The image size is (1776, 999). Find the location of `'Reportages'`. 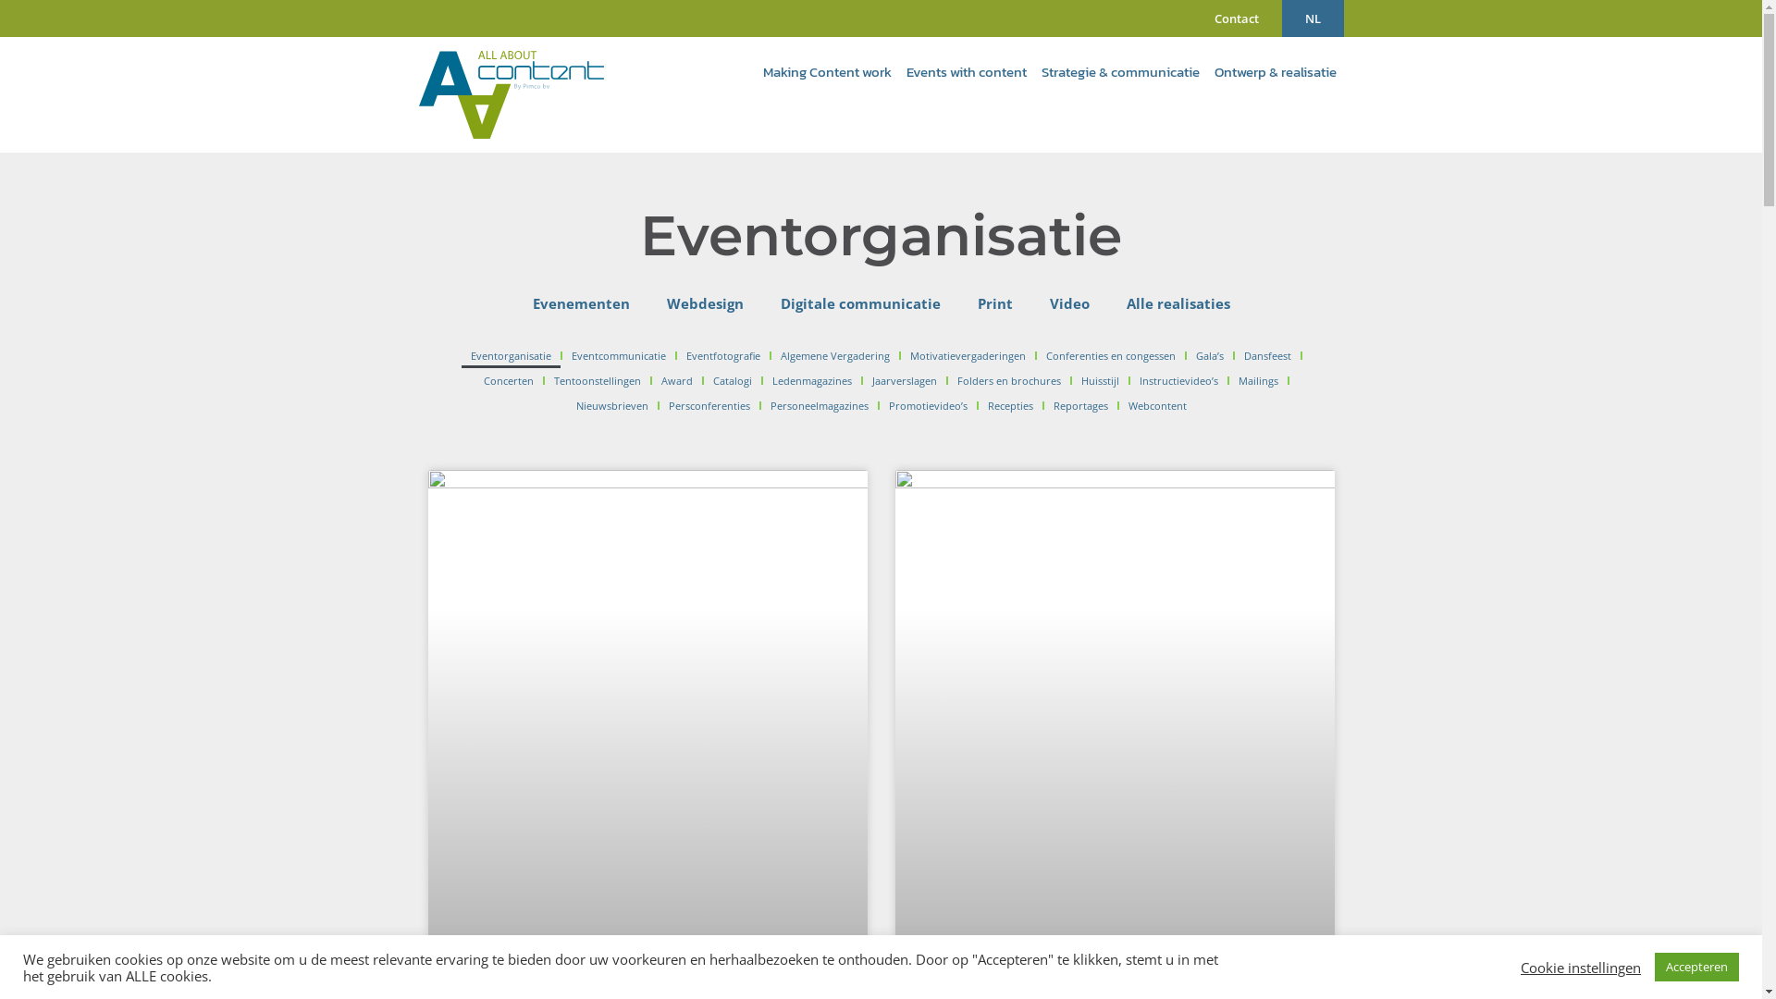

'Reportages' is located at coordinates (1079, 405).